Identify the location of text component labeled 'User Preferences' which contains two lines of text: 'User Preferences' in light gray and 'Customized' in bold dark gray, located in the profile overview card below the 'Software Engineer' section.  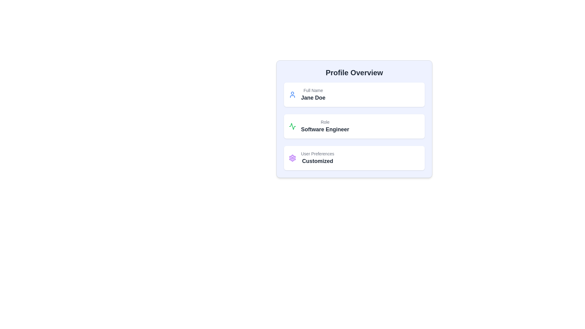
(317, 158).